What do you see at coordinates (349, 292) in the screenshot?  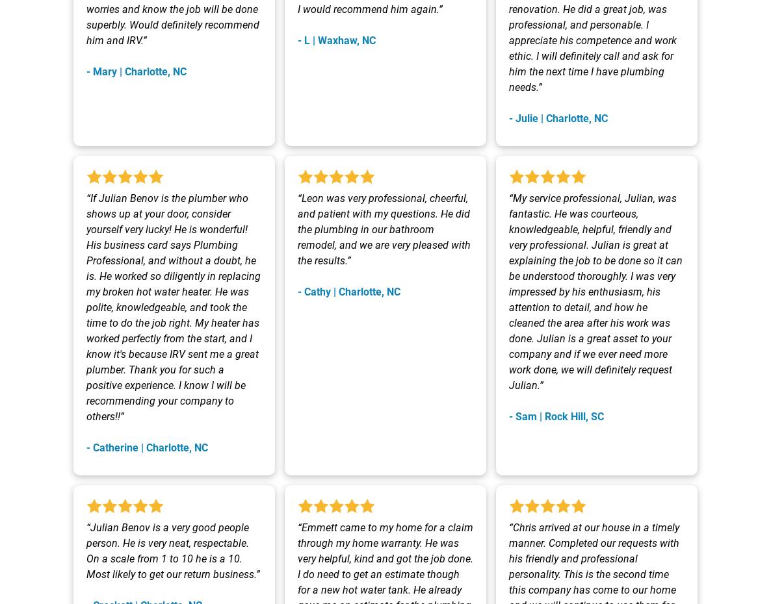 I see `'- Cathy | Charlotte, NC'` at bounding box center [349, 292].